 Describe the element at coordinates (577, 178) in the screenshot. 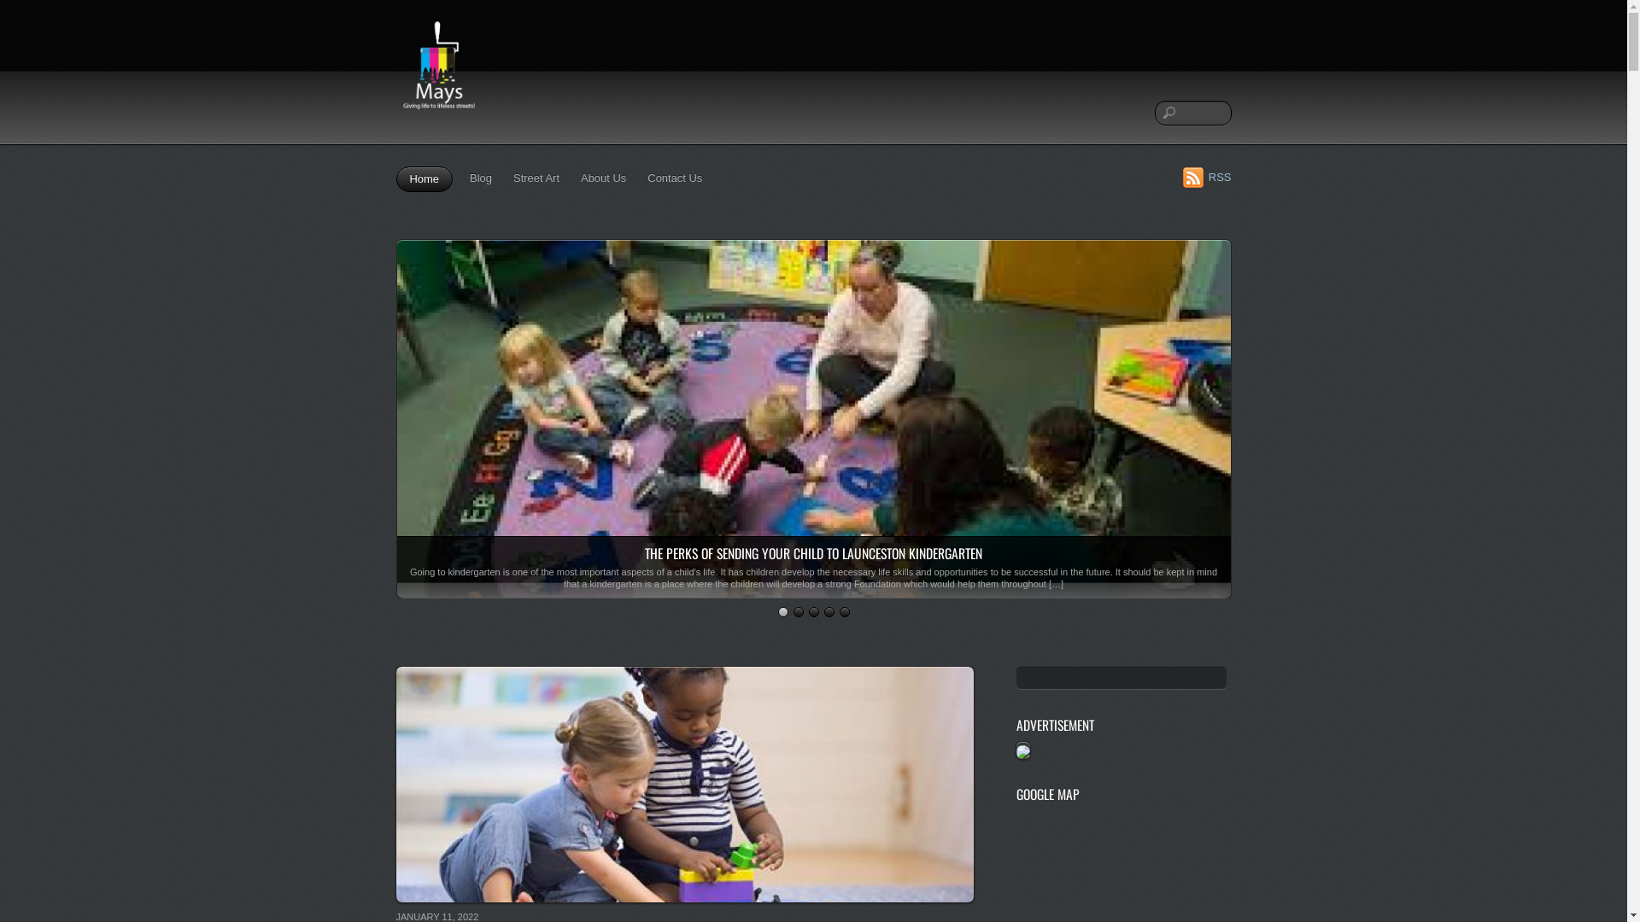

I see `'About Us'` at that location.